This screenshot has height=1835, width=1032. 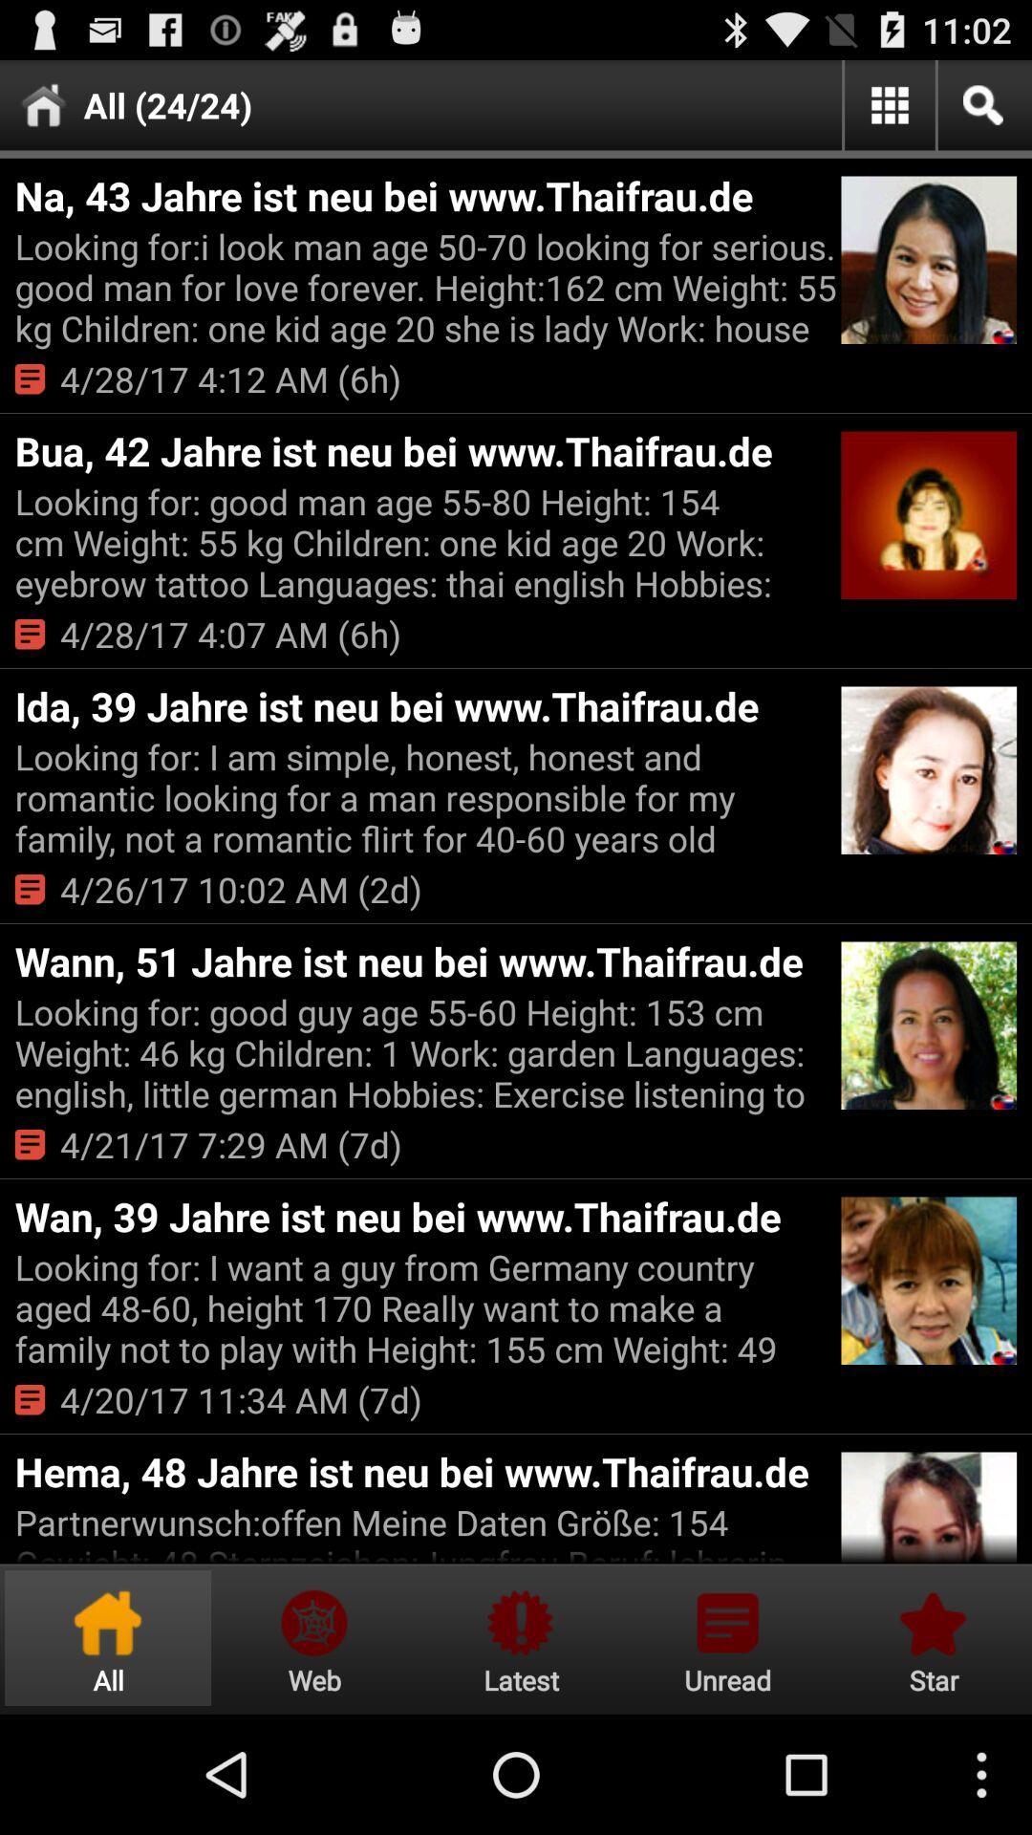 What do you see at coordinates (424, 1531) in the screenshot?
I see `partnerwunsch offen meine item` at bounding box center [424, 1531].